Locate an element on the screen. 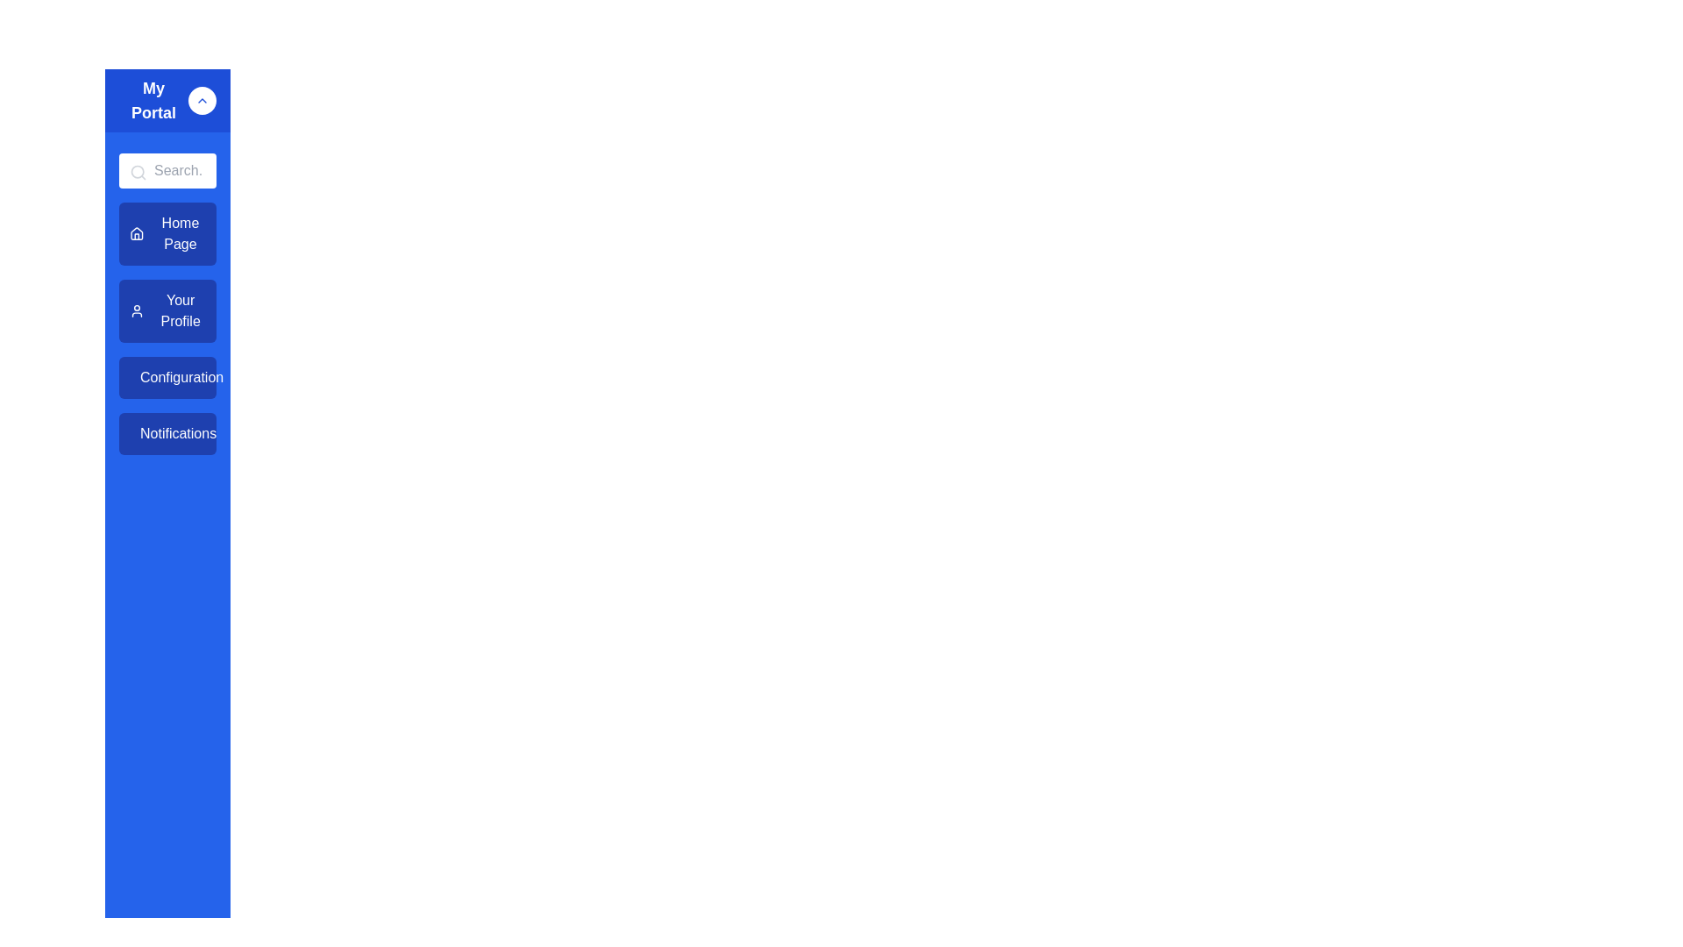 The height and width of the screenshot is (947, 1683). the text label at the top of the vertical navigation bar, which serves as the title for the portal, located to the left of the upward-facing chevron button is located at coordinates (153, 101).